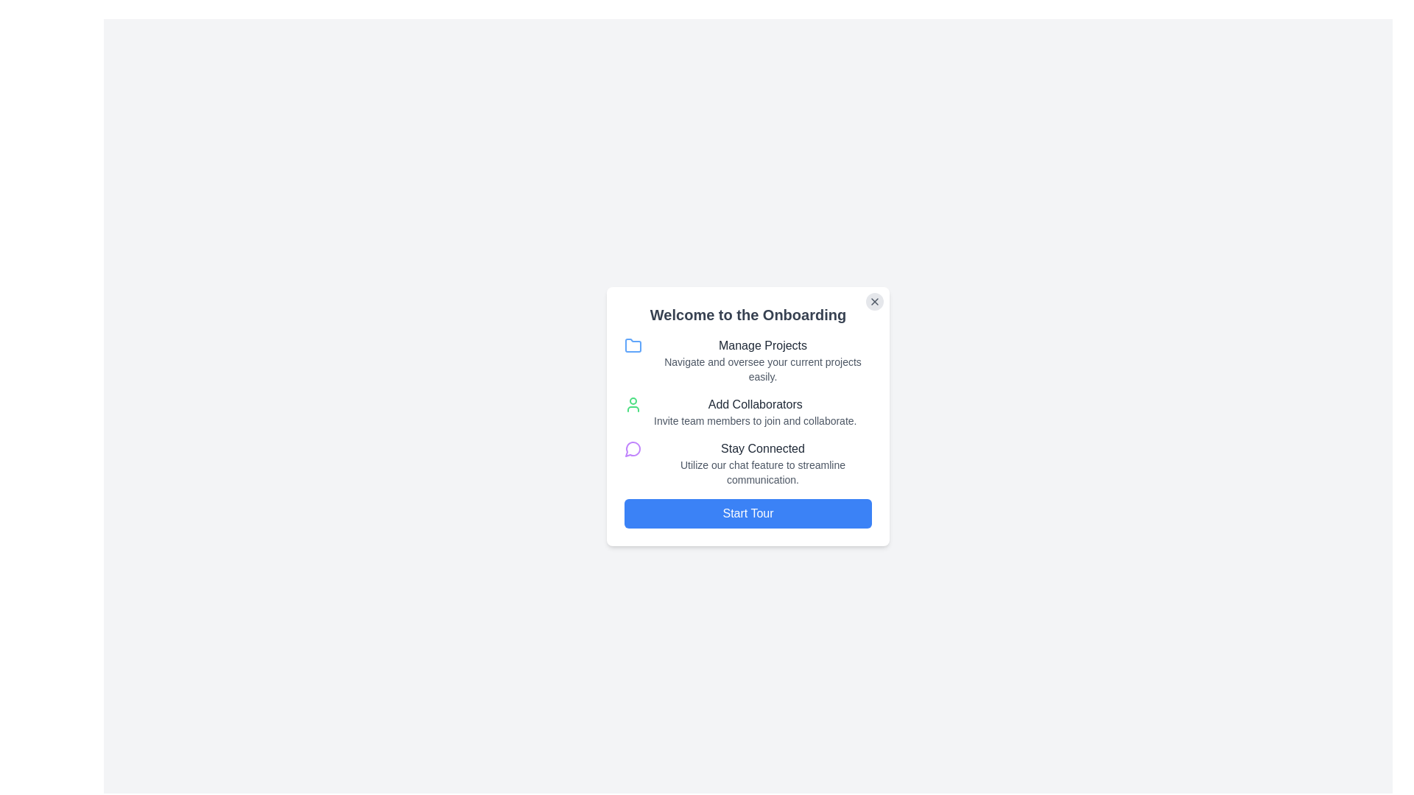 This screenshot has height=795, width=1414. What do you see at coordinates (755, 420) in the screenshot?
I see `the static text element that provides additional information about the 'Add Collaborators' feature, located beneath the title in the welcome pop-up panel` at bounding box center [755, 420].